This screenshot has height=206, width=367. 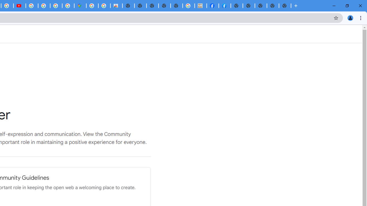 What do you see at coordinates (212, 6) in the screenshot?
I see `'Miley Cyrus | Facebook'` at bounding box center [212, 6].